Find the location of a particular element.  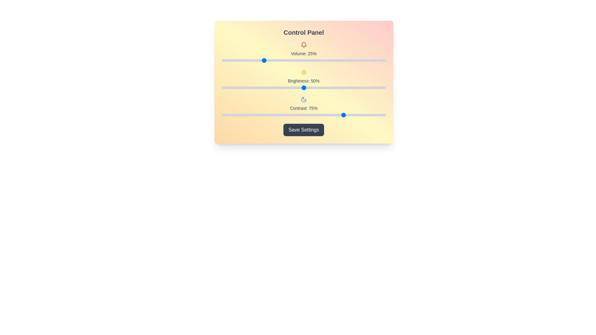

brightness is located at coordinates (275, 87).